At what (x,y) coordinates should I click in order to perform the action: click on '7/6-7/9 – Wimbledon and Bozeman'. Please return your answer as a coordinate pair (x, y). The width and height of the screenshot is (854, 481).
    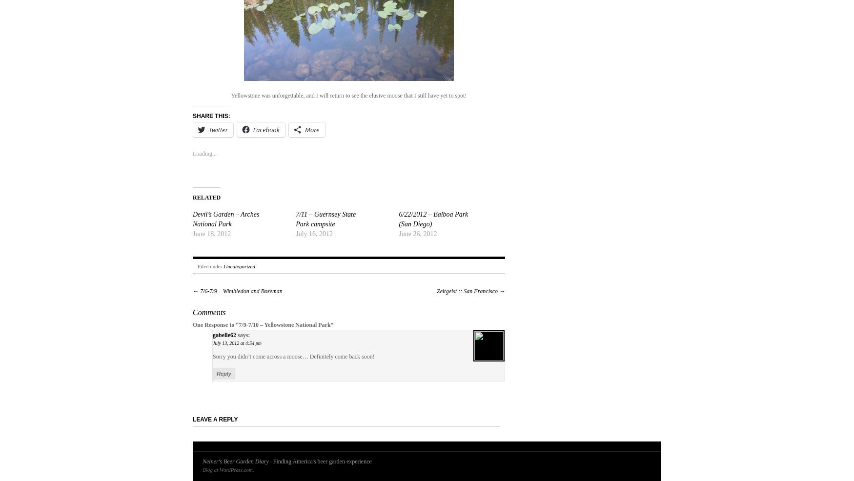
    Looking at the image, I should click on (240, 291).